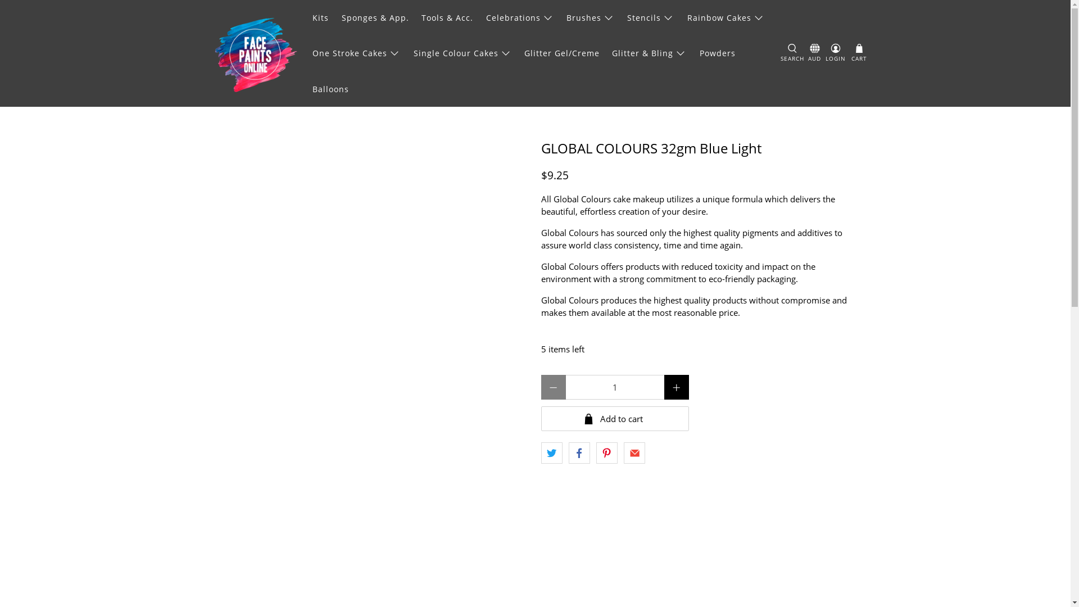 This screenshot has width=1079, height=607. I want to click on 'Balloons', so click(306, 88).